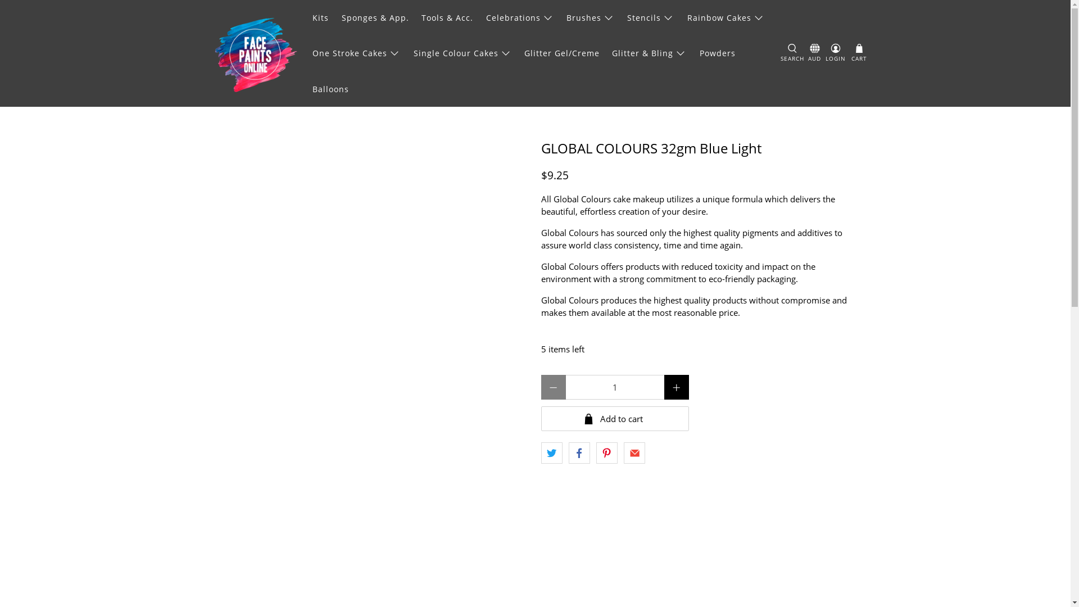 This screenshot has width=1079, height=607. I want to click on 'Balloons', so click(306, 88).